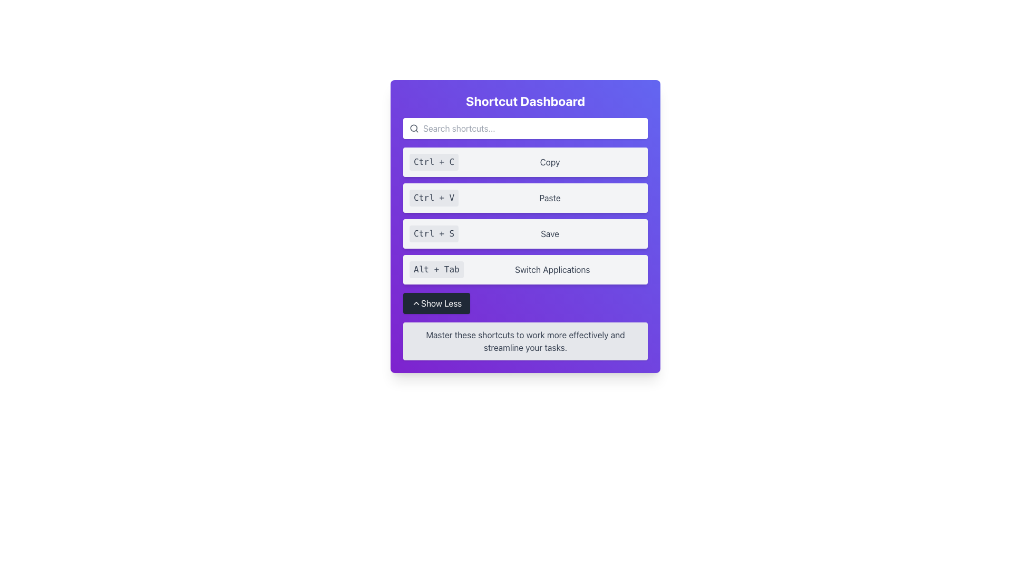 The width and height of the screenshot is (1012, 569). What do you see at coordinates (549, 233) in the screenshot?
I see `the Text Label that indicates the action associated with the shortcut 'Ctrl + S', positioned to the right of its sibling element displaying 'Ctrl + S'` at bounding box center [549, 233].